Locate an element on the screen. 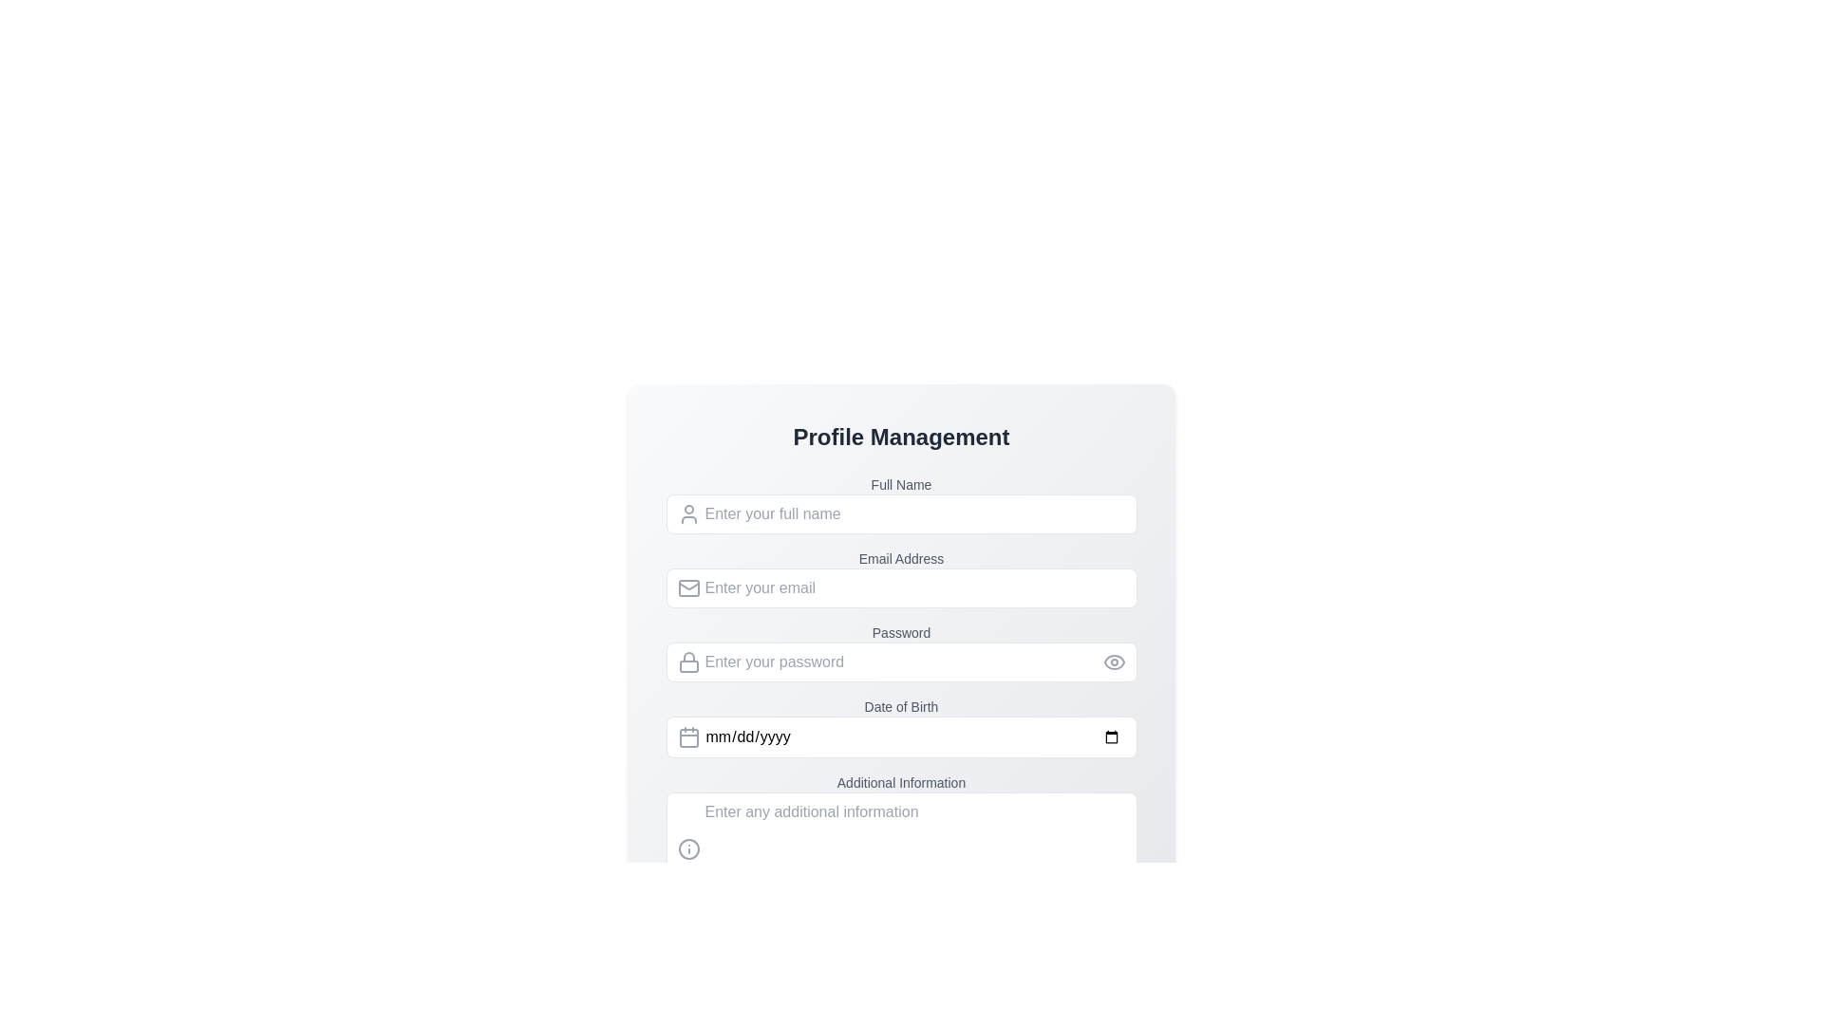 The height and width of the screenshot is (1025, 1823). the rectangular graphical component that forms the body of the lock icon, located within the lower half of the lock icon next to the password input field is located at coordinates (687, 665).